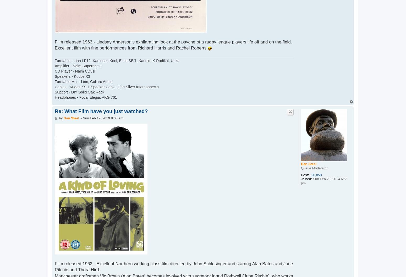 The width and height of the screenshot is (406, 277). What do you see at coordinates (83, 81) in the screenshot?
I see `'Turntable Mat - Linn, Collaro Audio'` at bounding box center [83, 81].